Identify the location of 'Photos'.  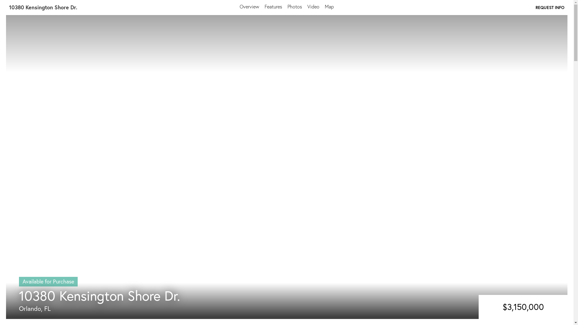
(287, 6).